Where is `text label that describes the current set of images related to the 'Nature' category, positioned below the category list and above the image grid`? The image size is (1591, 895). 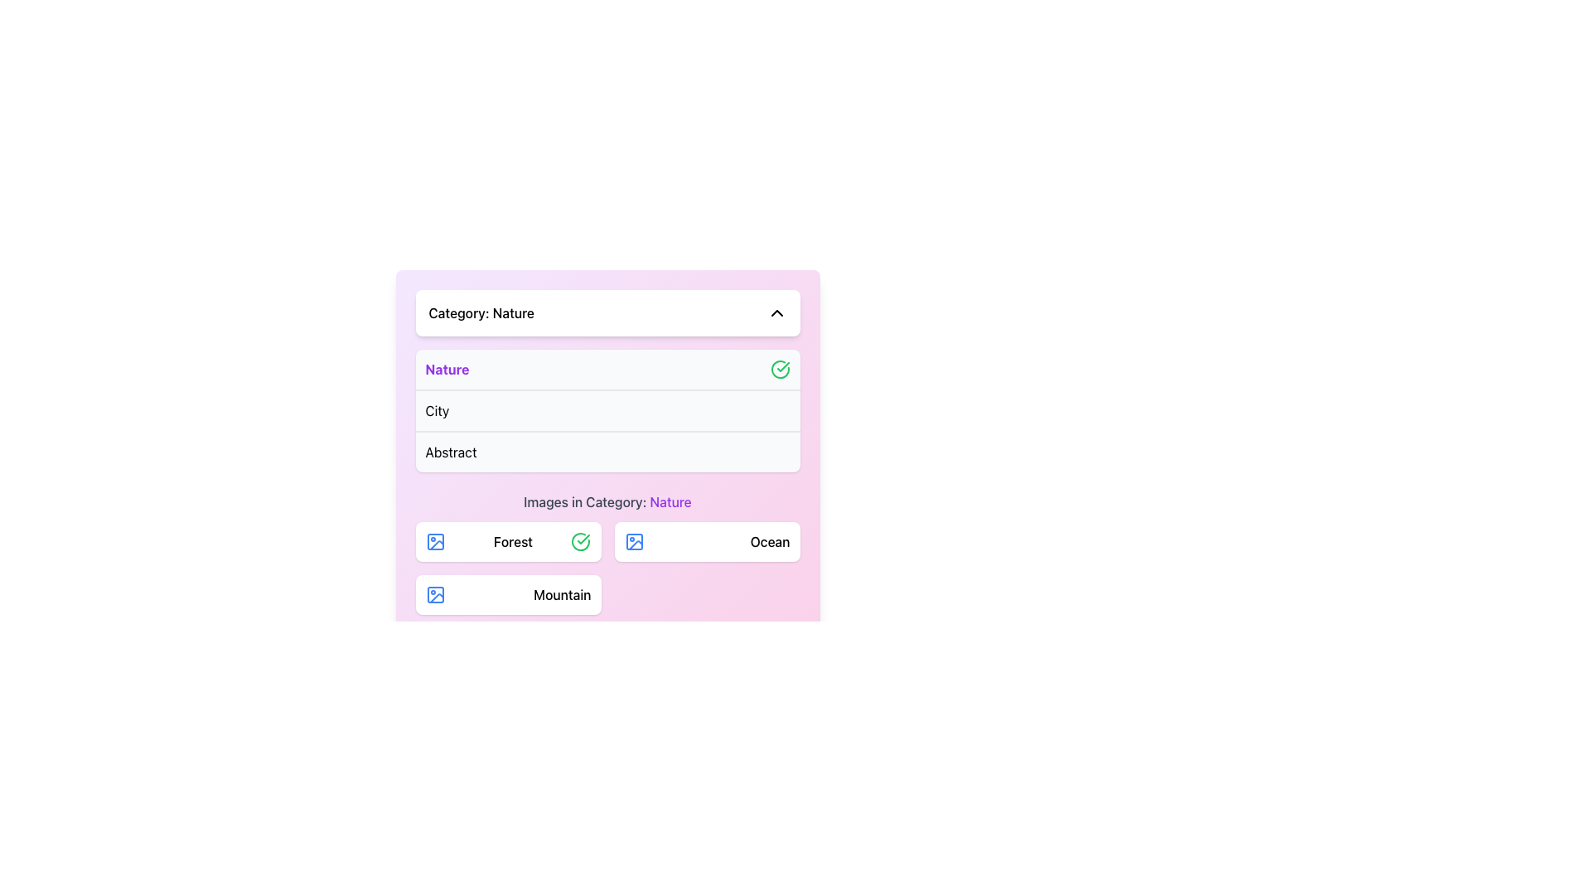
text label that describes the current set of images related to the 'Nature' category, positioned below the category list and above the image grid is located at coordinates (607, 501).